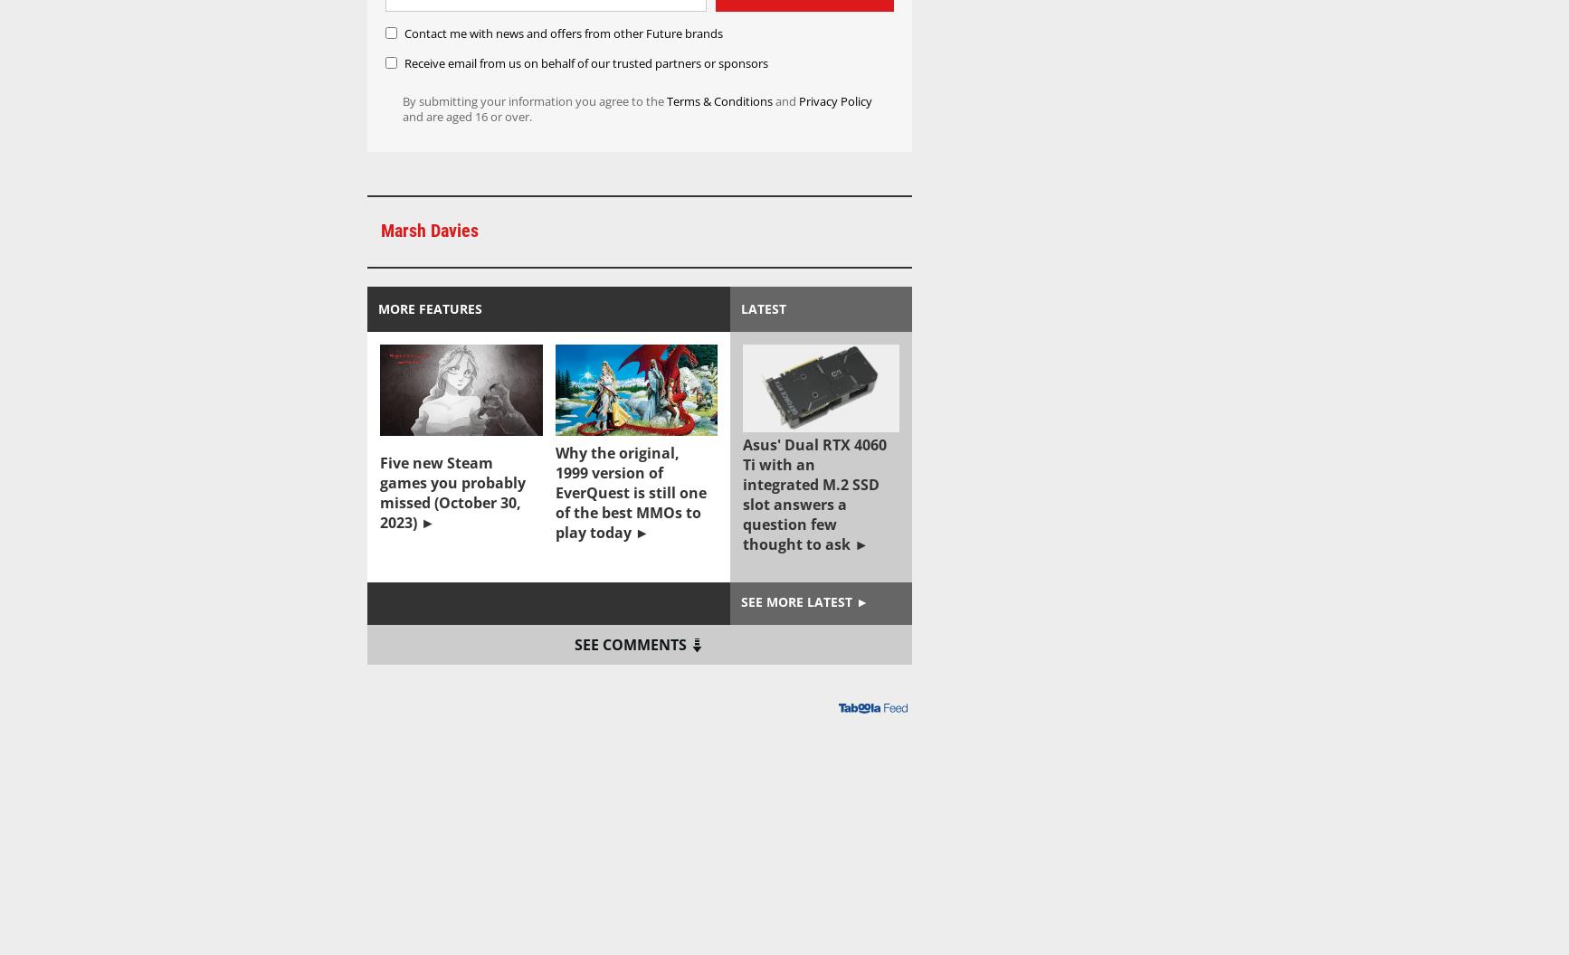 This screenshot has height=955, width=1569. What do you see at coordinates (452, 493) in the screenshot?
I see `'Five new Steam games you probably missed (October 30, 2023)'` at bounding box center [452, 493].